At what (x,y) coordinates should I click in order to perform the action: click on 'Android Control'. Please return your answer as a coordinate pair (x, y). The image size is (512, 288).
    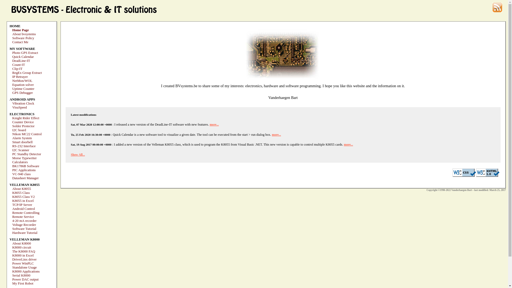
    Looking at the image, I should click on (23, 209).